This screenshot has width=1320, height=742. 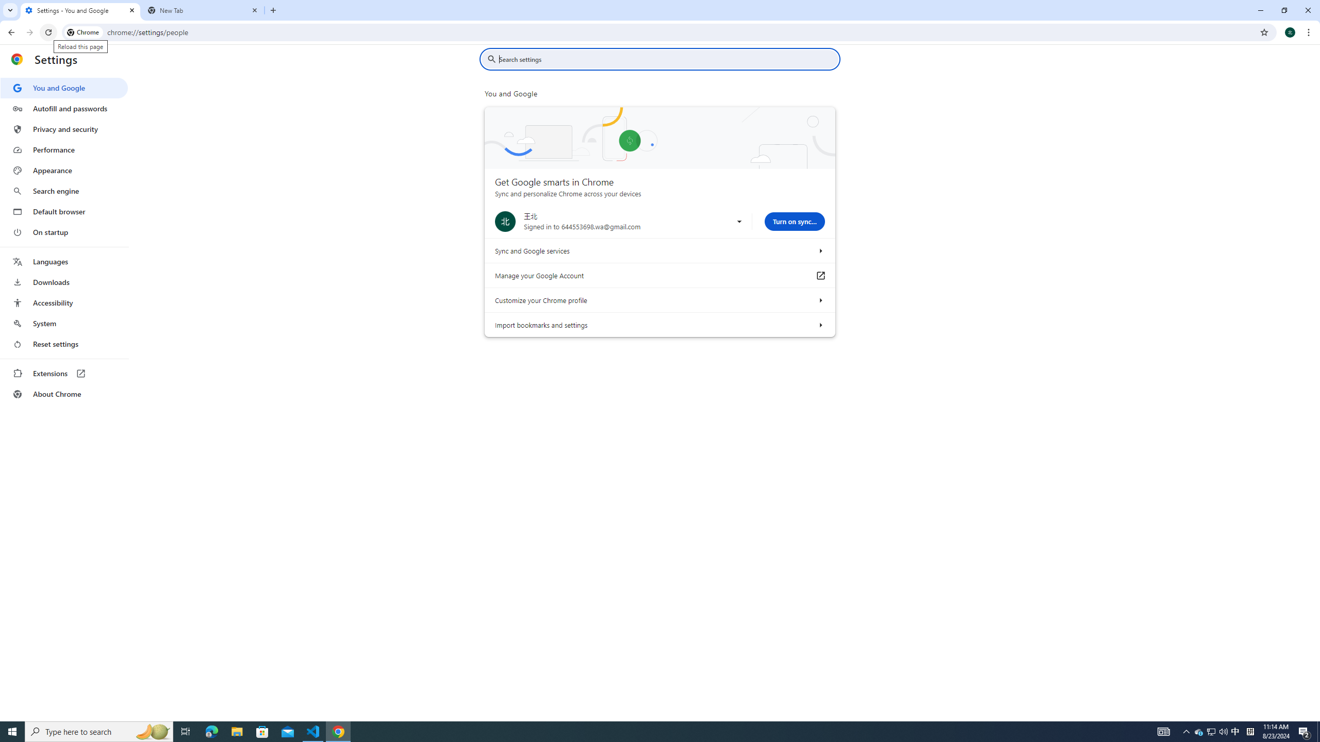 I want to click on 'Autofill and passwords', so click(x=63, y=108).